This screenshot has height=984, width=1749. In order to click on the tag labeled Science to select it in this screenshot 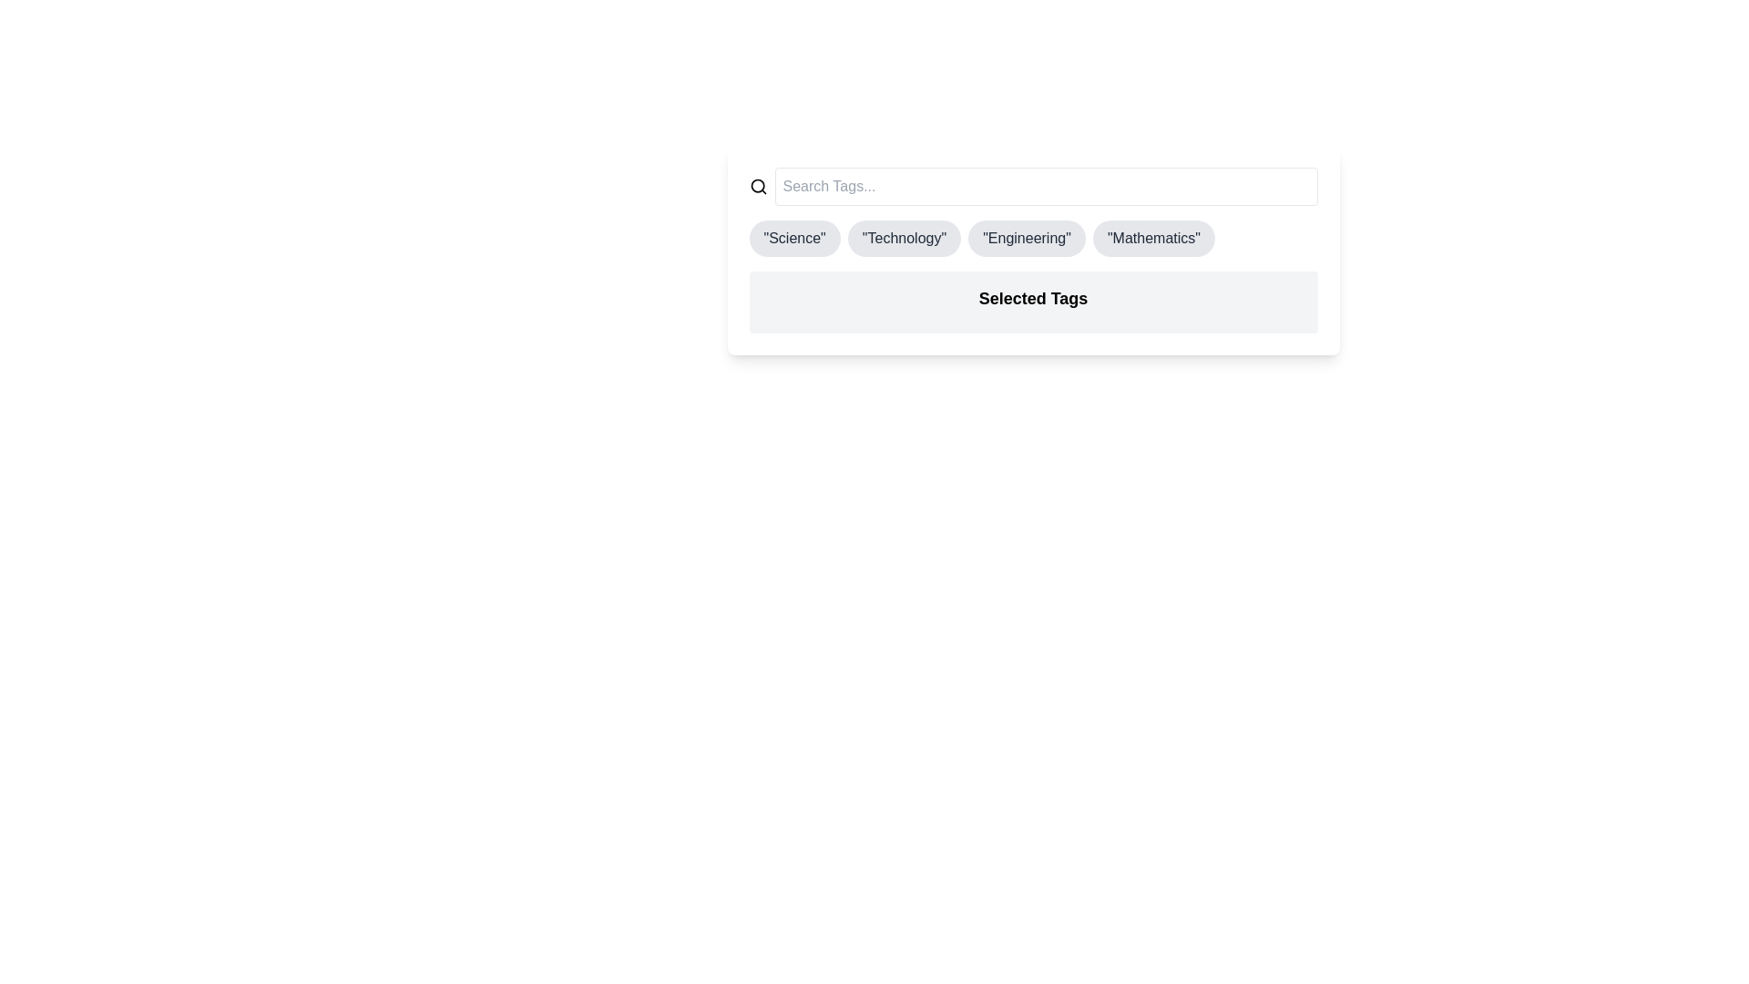, I will do `click(794, 238)`.